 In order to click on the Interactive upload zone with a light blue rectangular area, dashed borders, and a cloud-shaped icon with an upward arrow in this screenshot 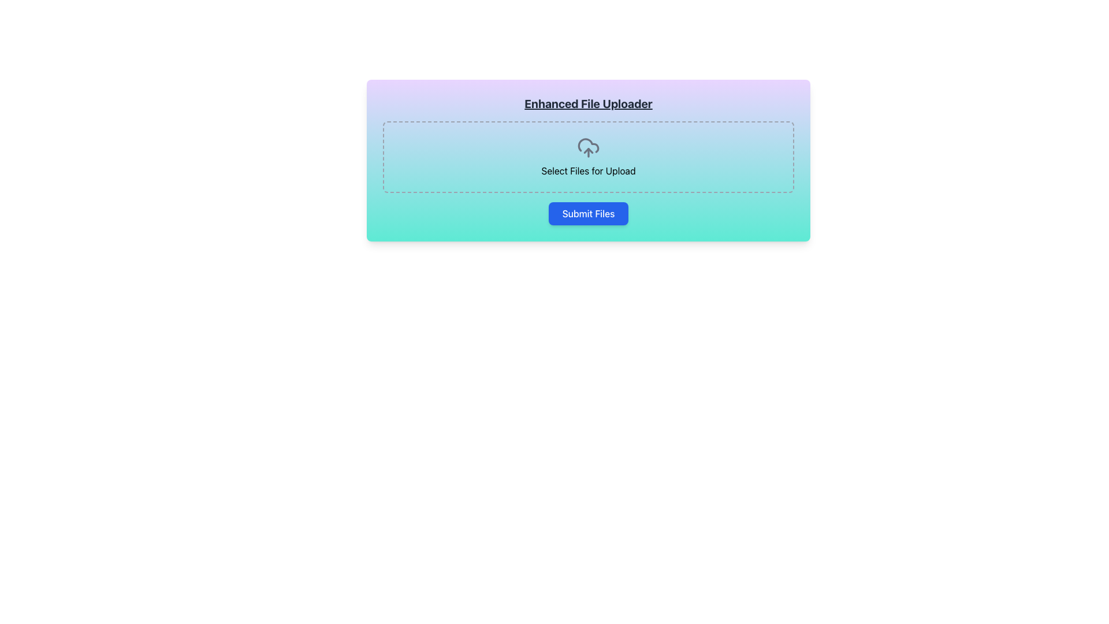, I will do `click(588, 157)`.